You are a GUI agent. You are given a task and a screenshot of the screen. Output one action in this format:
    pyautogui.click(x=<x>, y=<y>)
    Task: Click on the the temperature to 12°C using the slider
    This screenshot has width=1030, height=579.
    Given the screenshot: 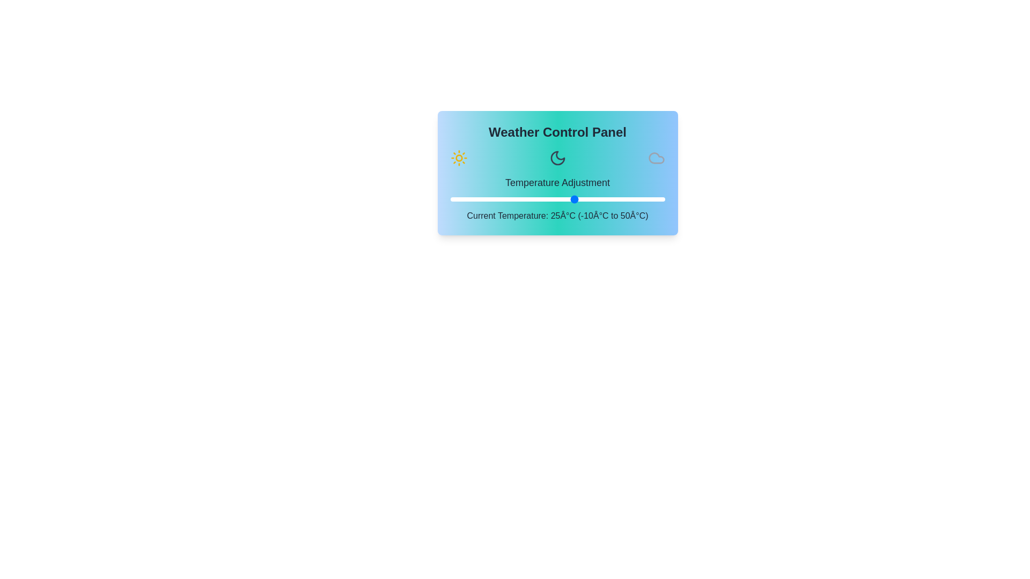 What is the action you would take?
    pyautogui.click(x=529, y=199)
    